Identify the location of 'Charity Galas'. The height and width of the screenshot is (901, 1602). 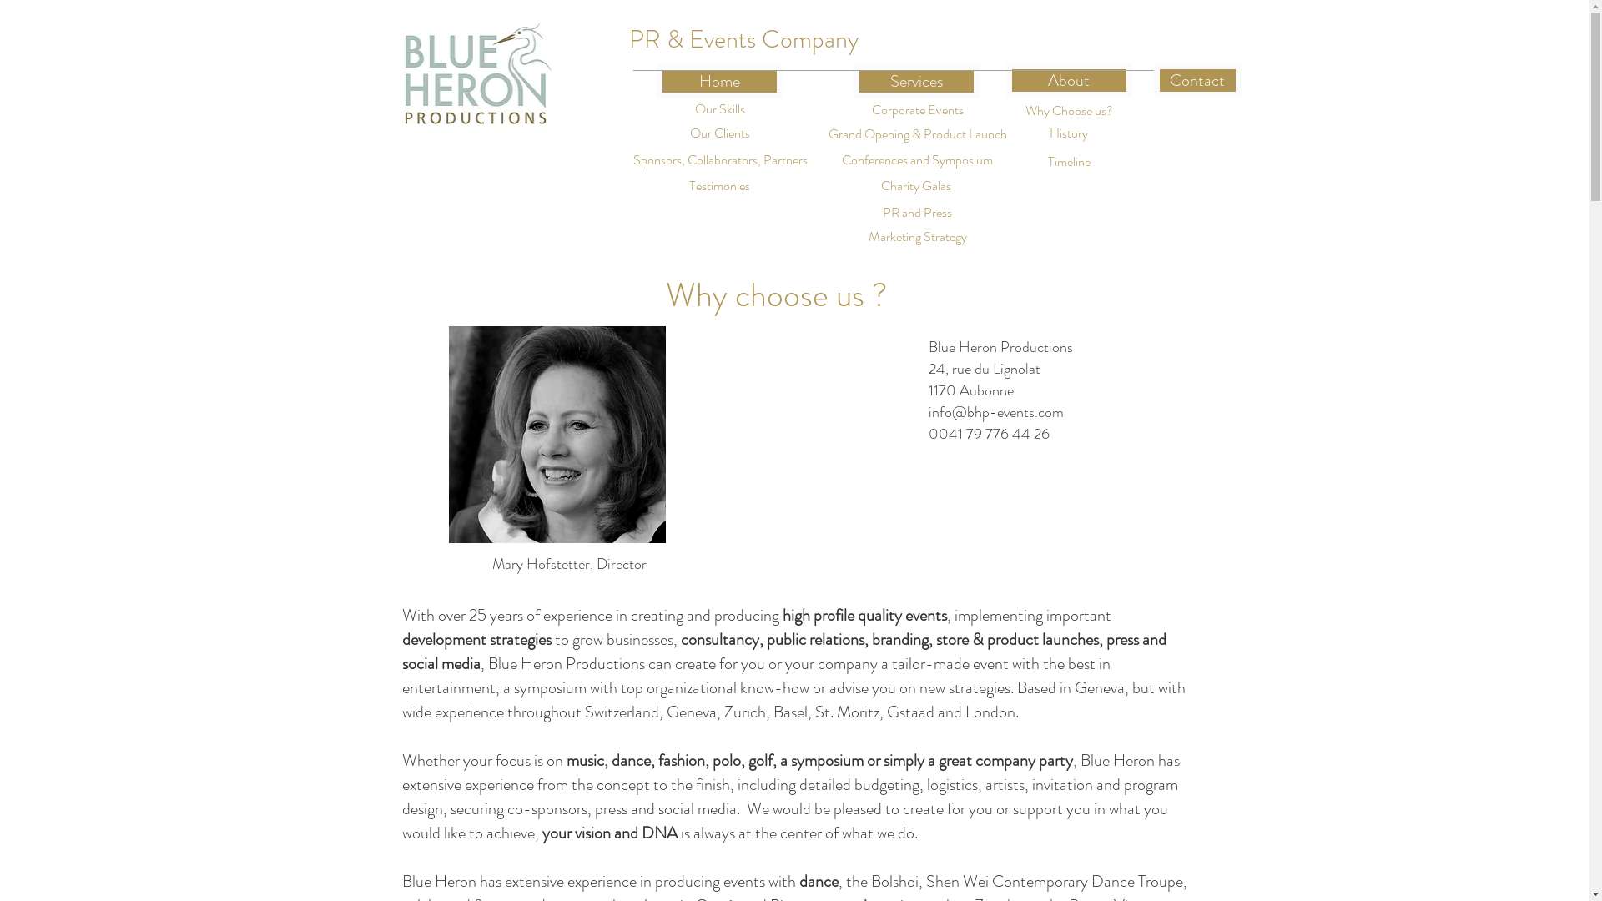
(844, 186).